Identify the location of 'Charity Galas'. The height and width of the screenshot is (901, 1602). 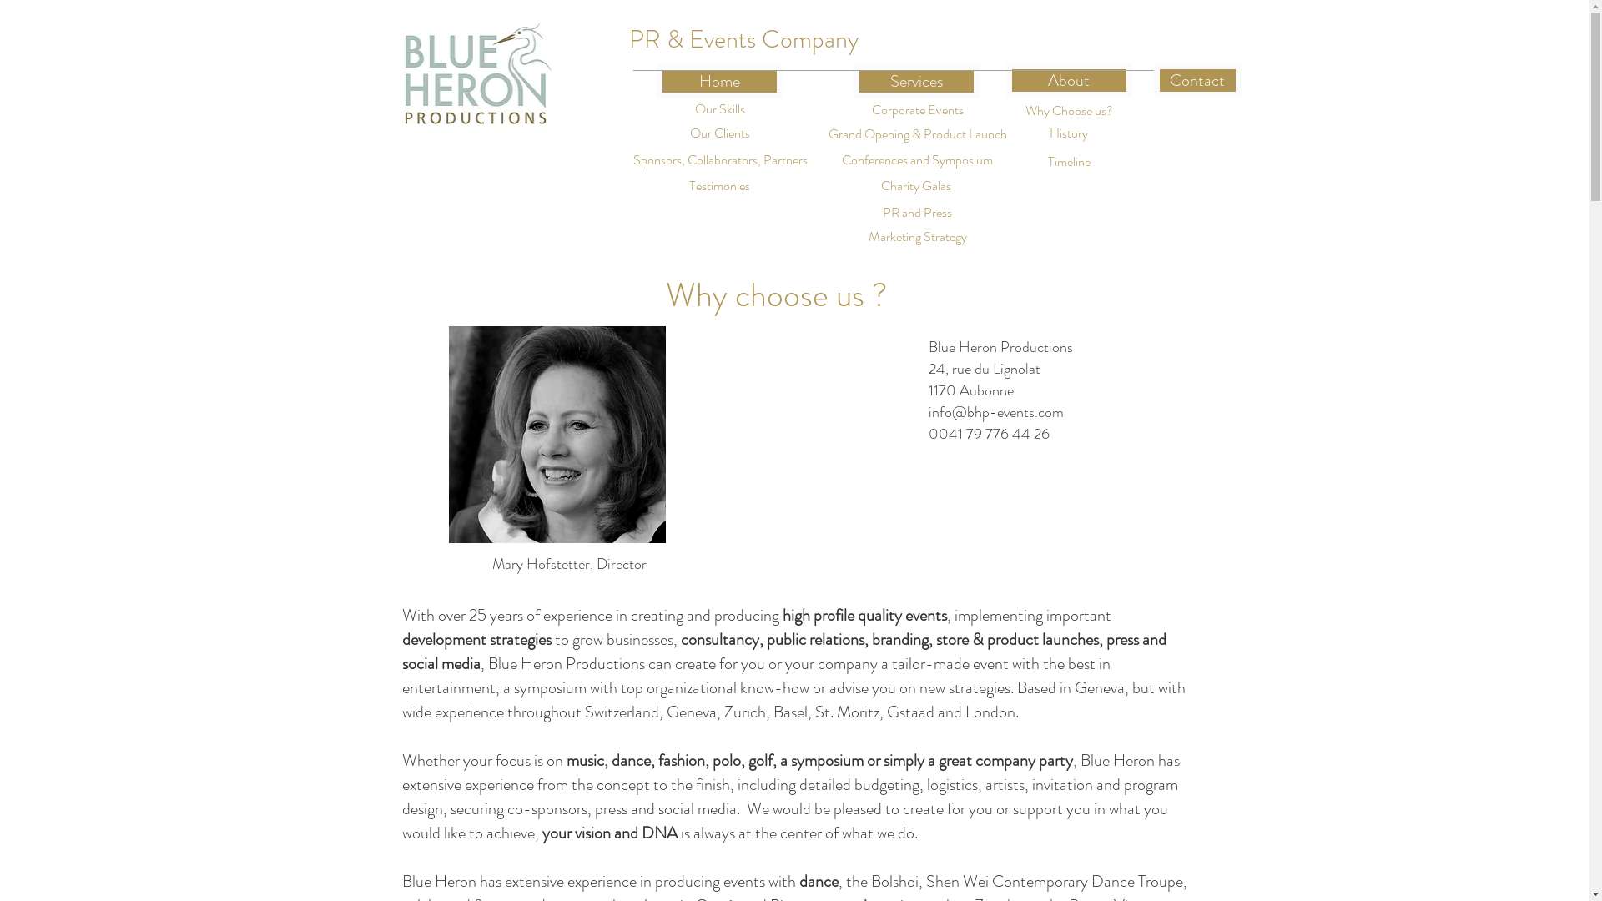
(844, 186).